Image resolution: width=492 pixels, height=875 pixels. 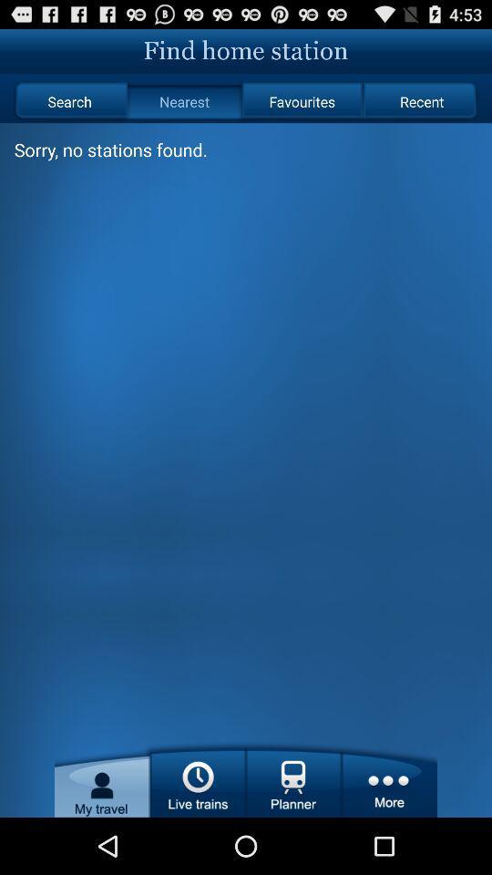 I want to click on the app above the sorry no stations item, so click(x=184, y=101).